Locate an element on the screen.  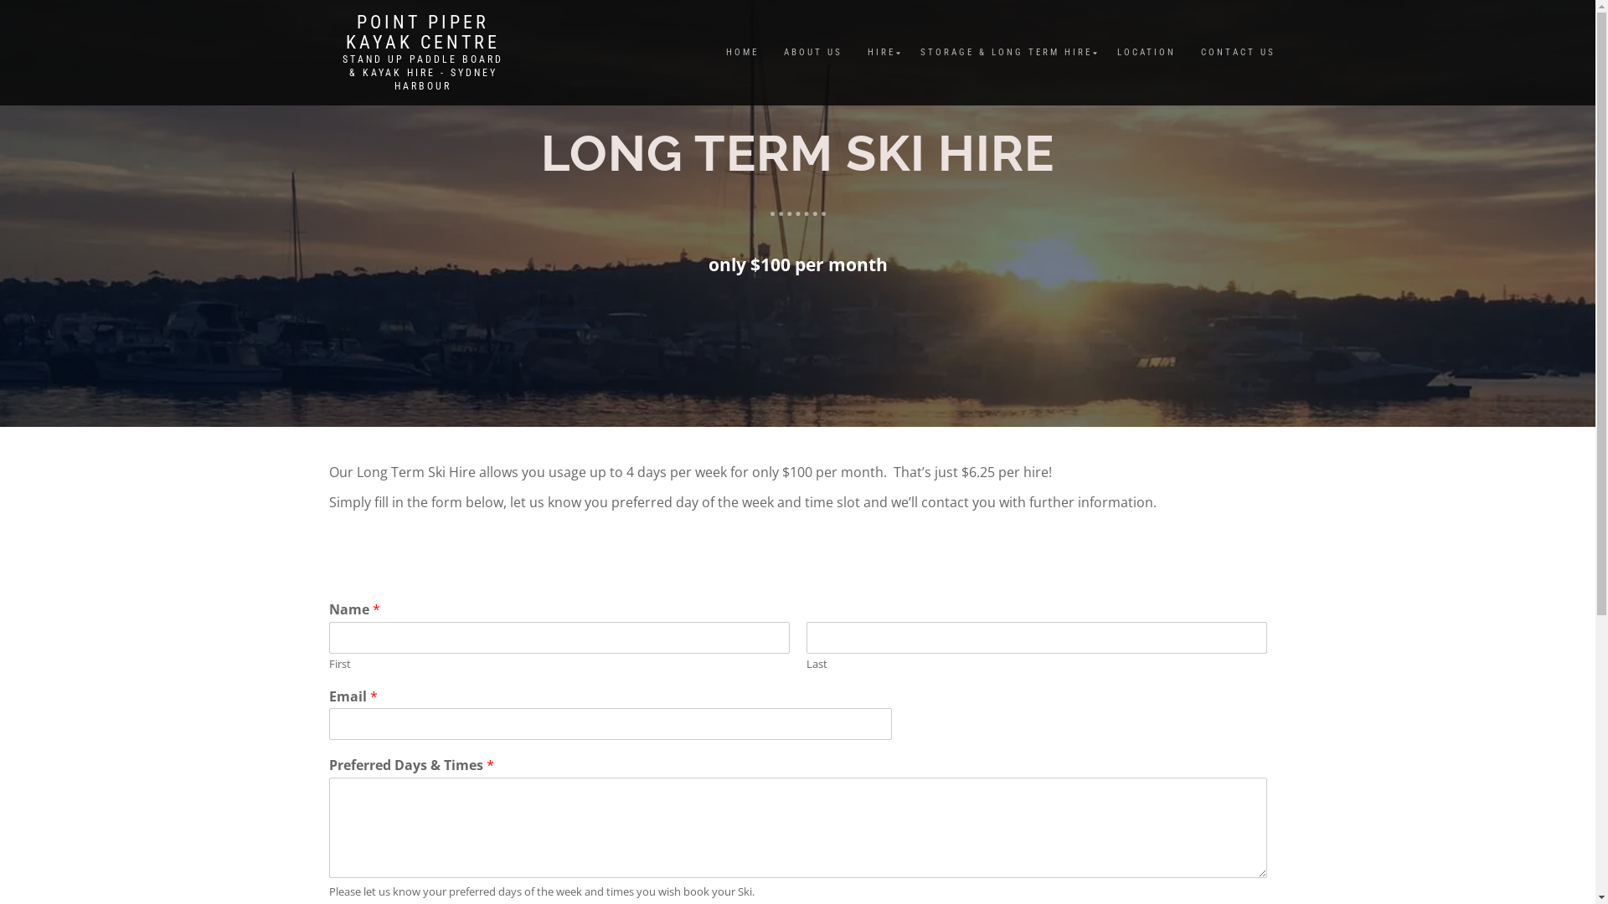
'STAND UP PADDLE BOARD & KAYAK HIRE - SYDNEY HARBOUR' is located at coordinates (422, 72).